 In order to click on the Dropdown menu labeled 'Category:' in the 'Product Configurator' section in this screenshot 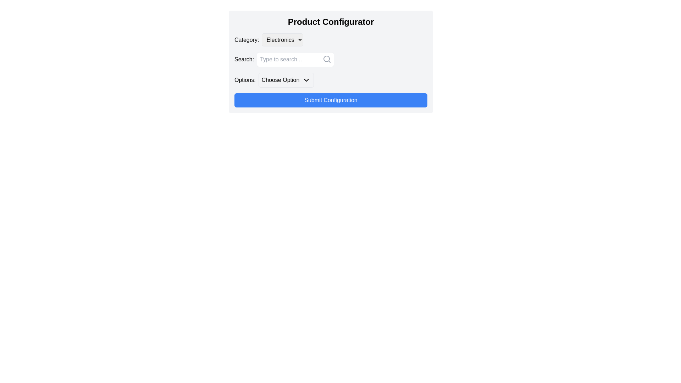, I will do `click(282, 40)`.